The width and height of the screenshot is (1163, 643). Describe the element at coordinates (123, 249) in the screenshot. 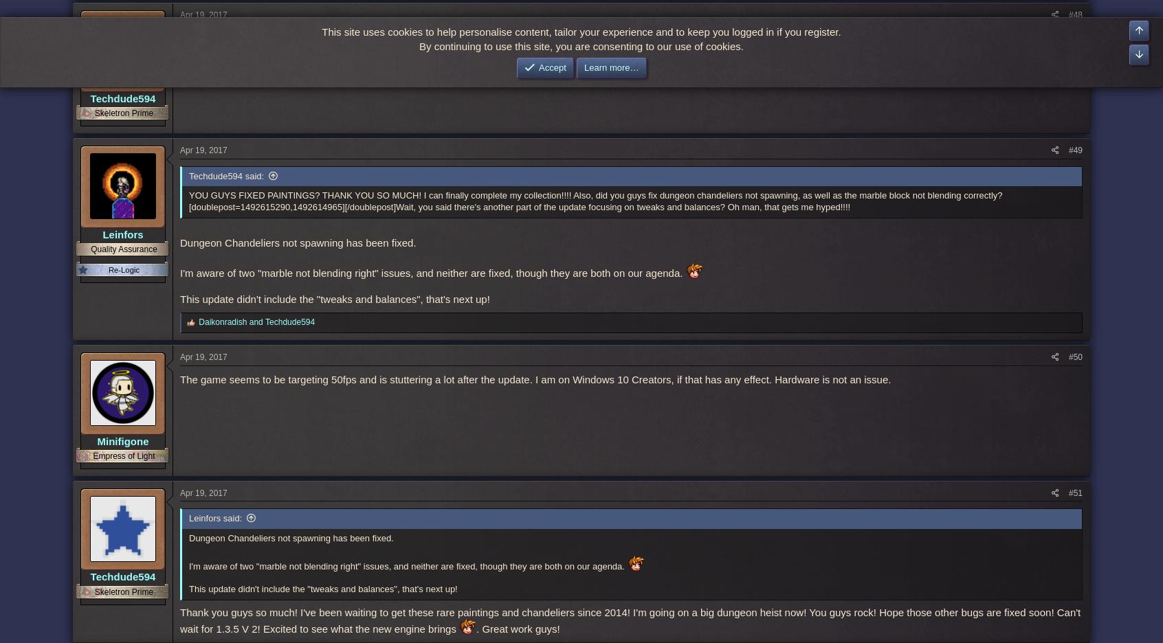

I see `'Quality Assurance'` at that location.